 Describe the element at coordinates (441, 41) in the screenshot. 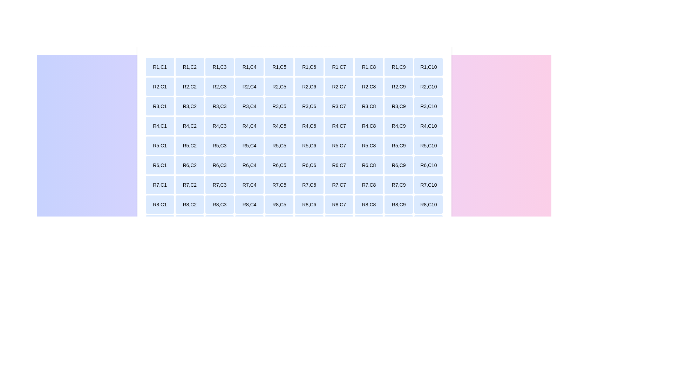

I see `the close button in the top-right corner of the dialog to close it` at that location.